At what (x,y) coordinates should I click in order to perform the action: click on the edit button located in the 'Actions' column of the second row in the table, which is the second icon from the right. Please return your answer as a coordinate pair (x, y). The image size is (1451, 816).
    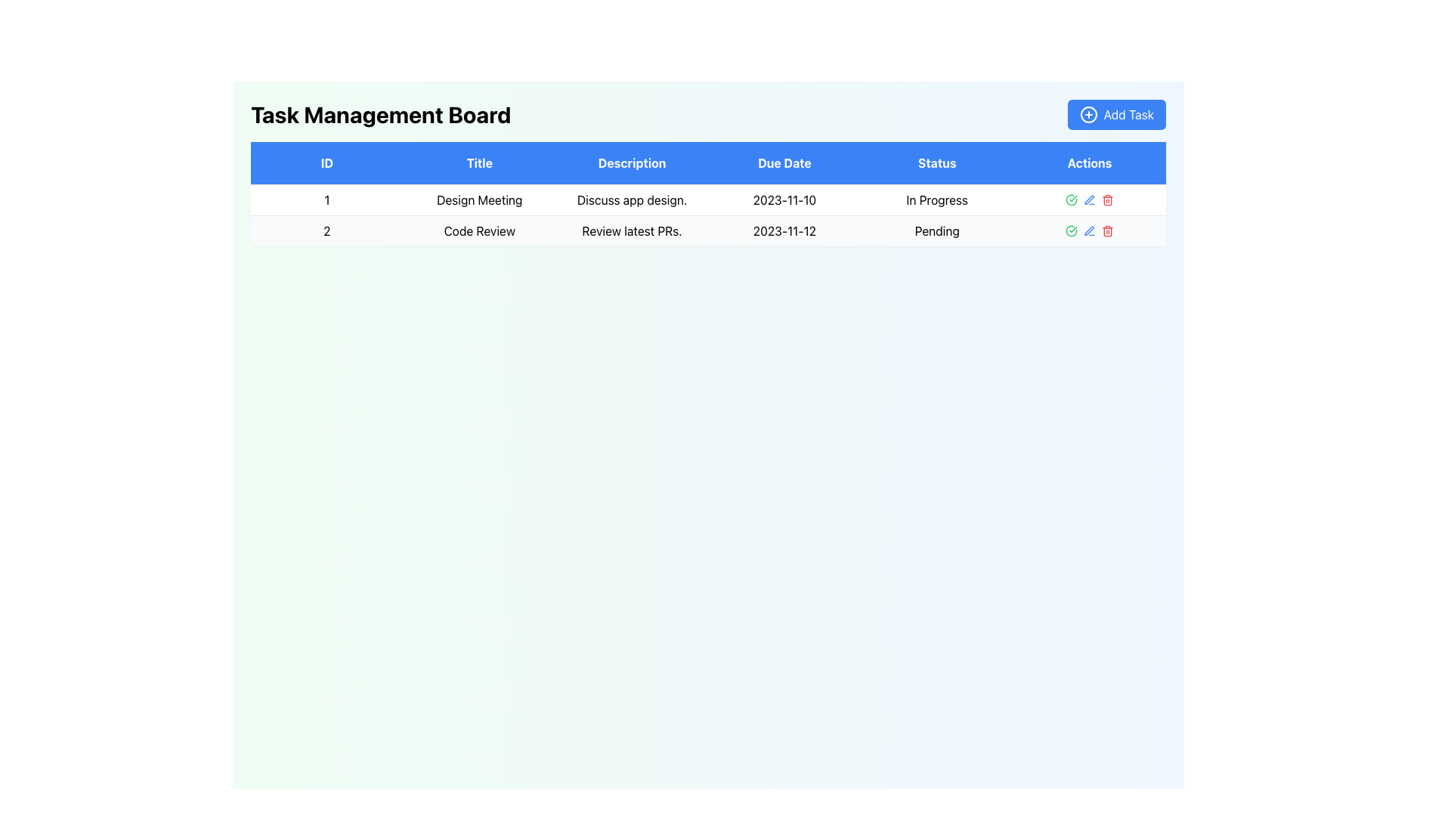
    Looking at the image, I should click on (1090, 230).